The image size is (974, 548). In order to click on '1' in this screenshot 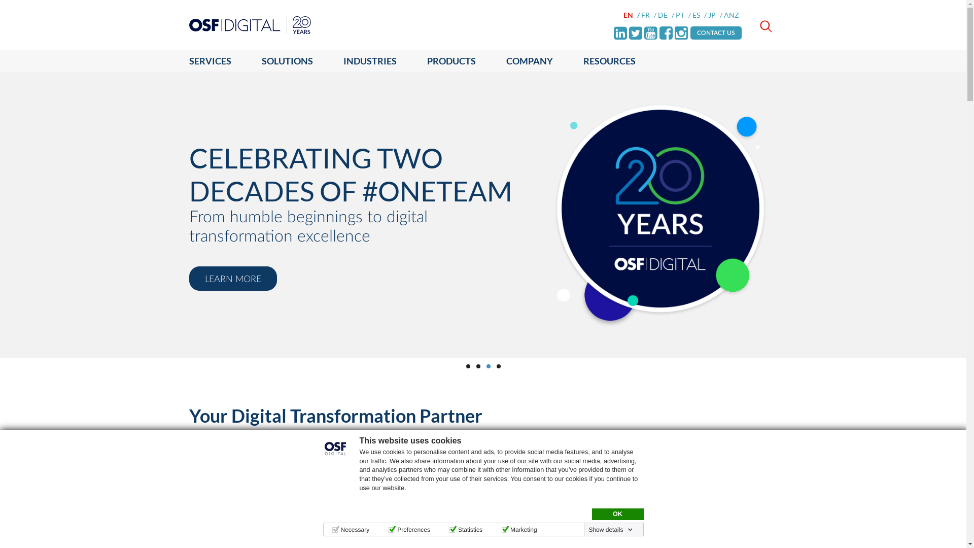, I will do `click(467, 366)`.